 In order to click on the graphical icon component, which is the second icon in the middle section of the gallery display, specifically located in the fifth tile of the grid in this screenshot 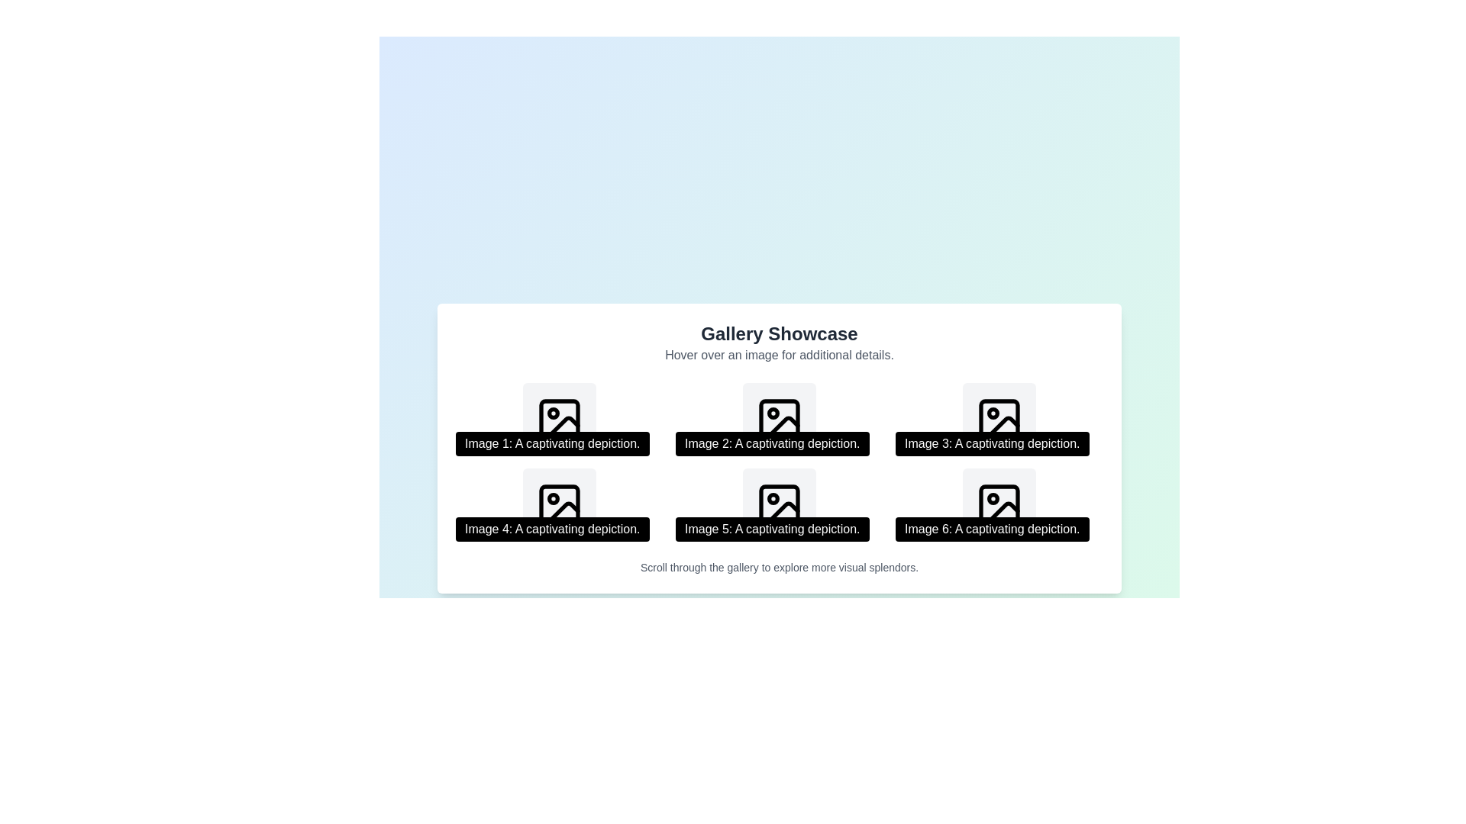, I will do `click(773, 414)`.